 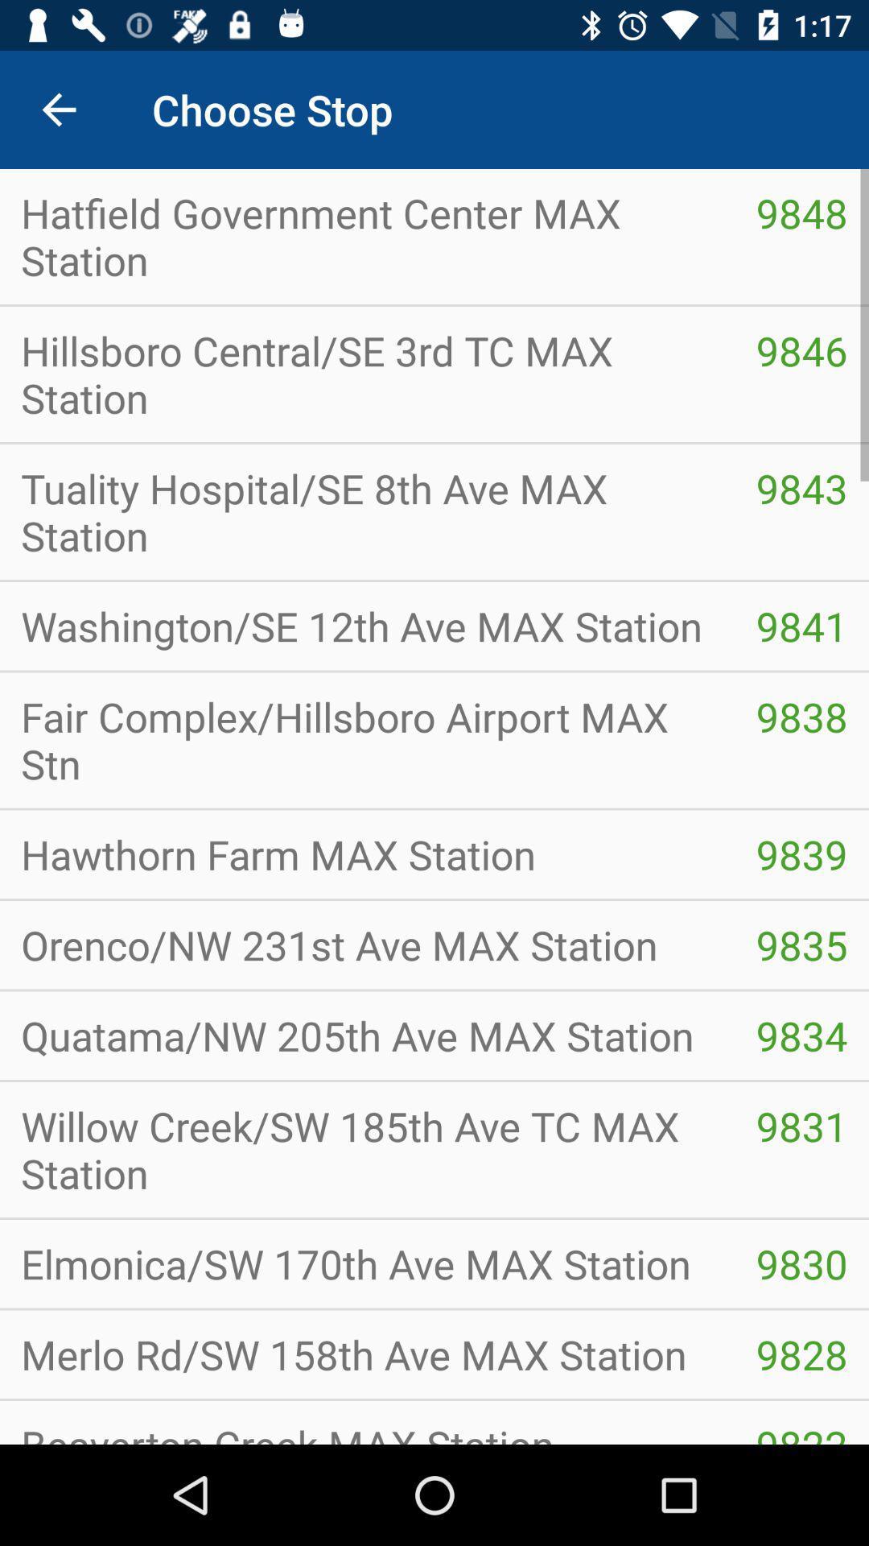 What do you see at coordinates (367, 1149) in the screenshot?
I see `icon to the left of 9834` at bounding box center [367, 1149].